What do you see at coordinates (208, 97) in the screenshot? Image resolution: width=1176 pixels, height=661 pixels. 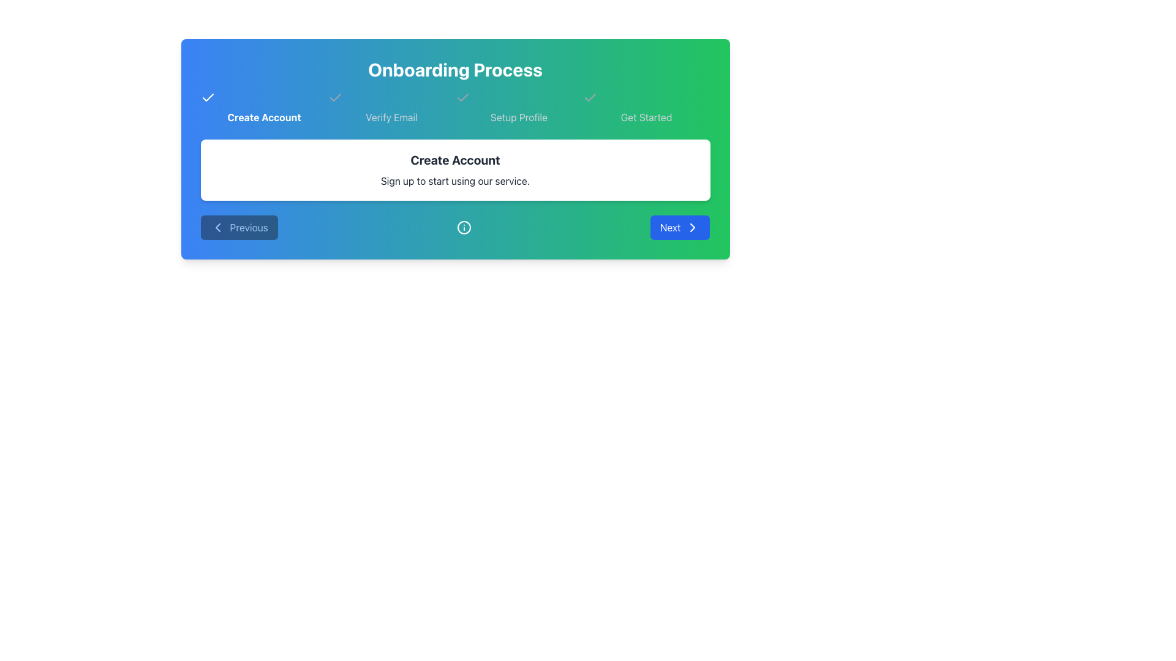 I see `the completion icon for the 'Create Account' step in the onboarding process` at bounding box center [208, 97].